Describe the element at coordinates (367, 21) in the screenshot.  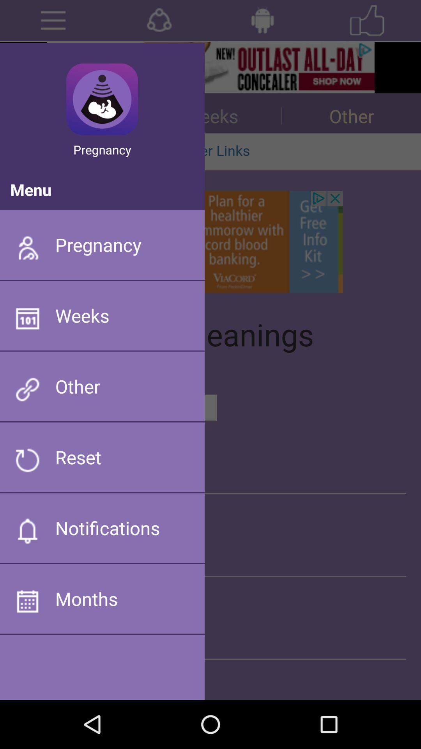
I see `the star icon` at that location.